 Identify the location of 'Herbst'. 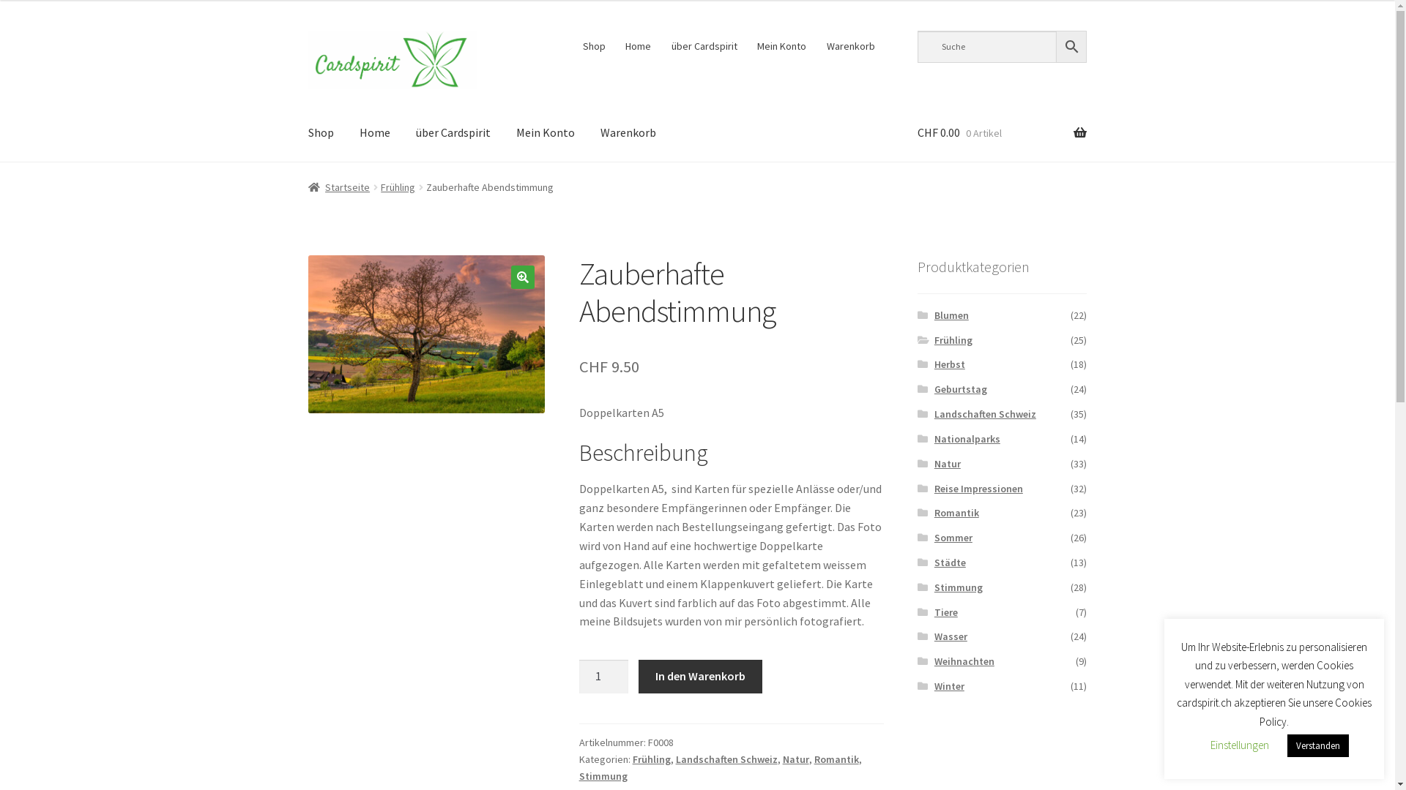
(934, 363).